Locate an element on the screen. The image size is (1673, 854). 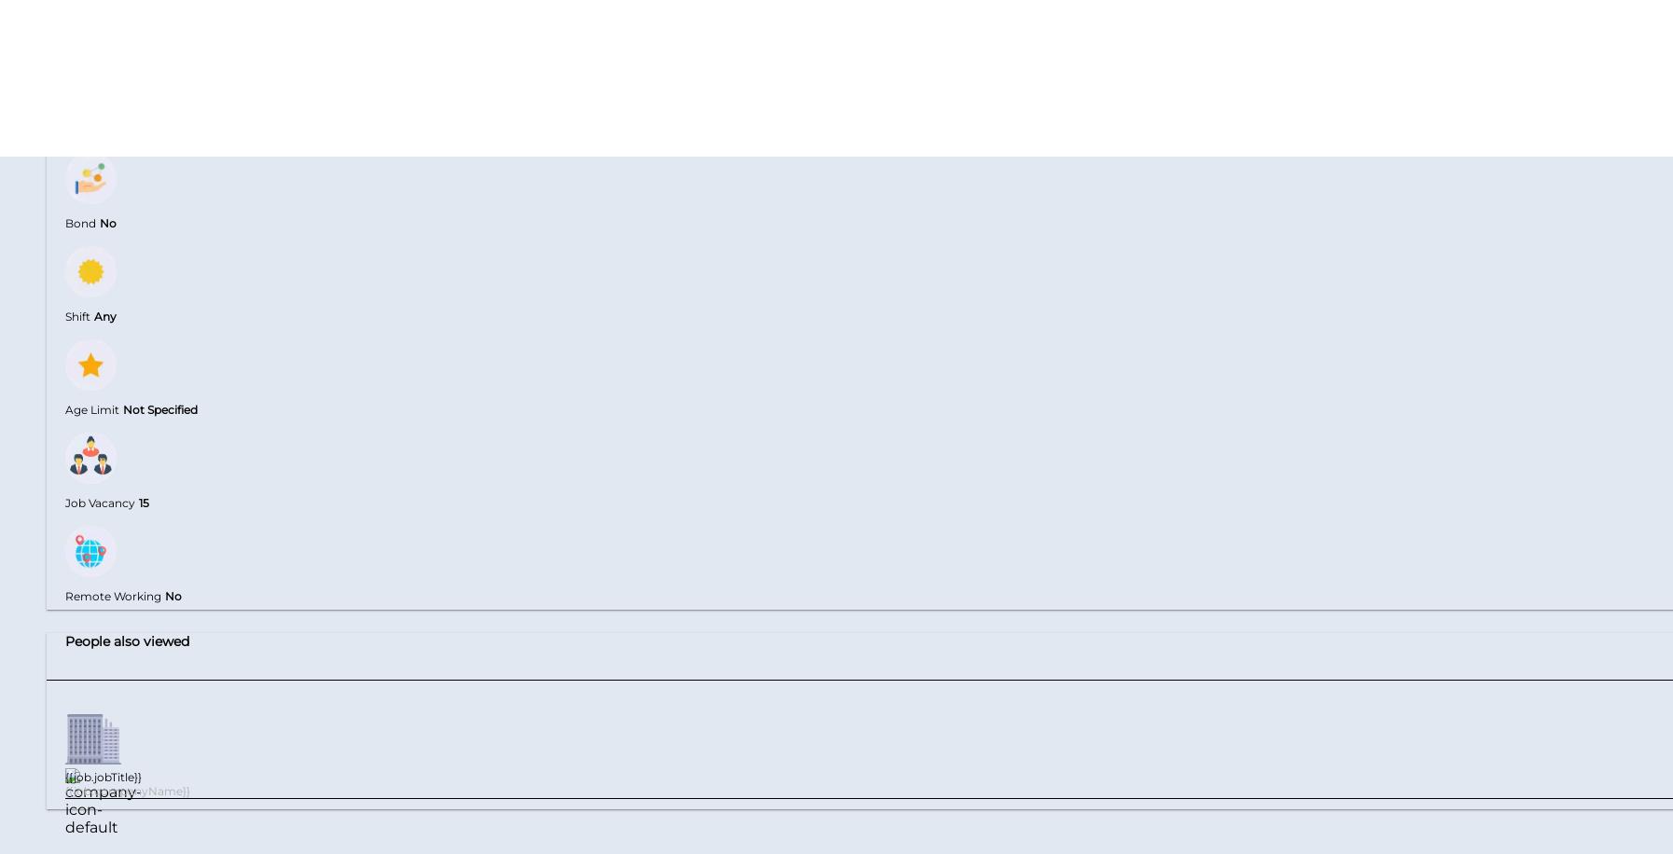
'Bond' is located at coordinates (79, 222).